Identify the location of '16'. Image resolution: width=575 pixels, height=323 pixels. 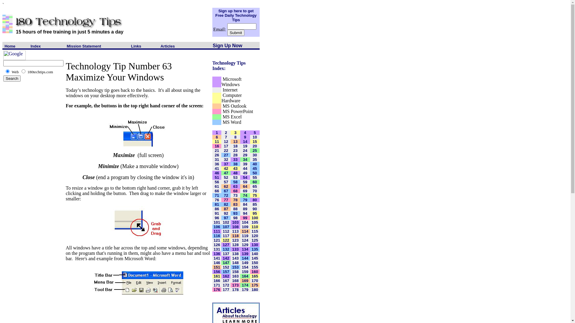
(217, 146).